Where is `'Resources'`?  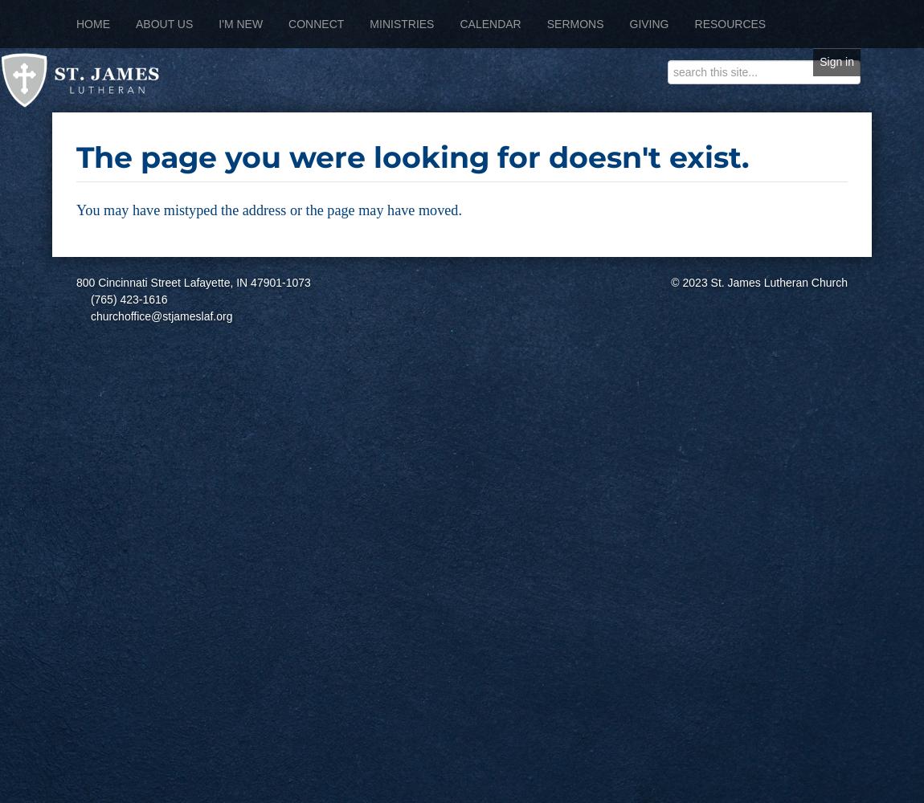 'Resources' is located at coordinates (693, 24).